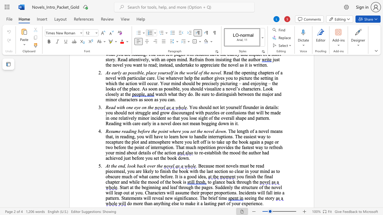 This screenshot has width=383, height=215. What do you see at coordinates (253, 131) in the screenshot?
I see `the 1th character "f" in the text` at bounding box center [253, 131].